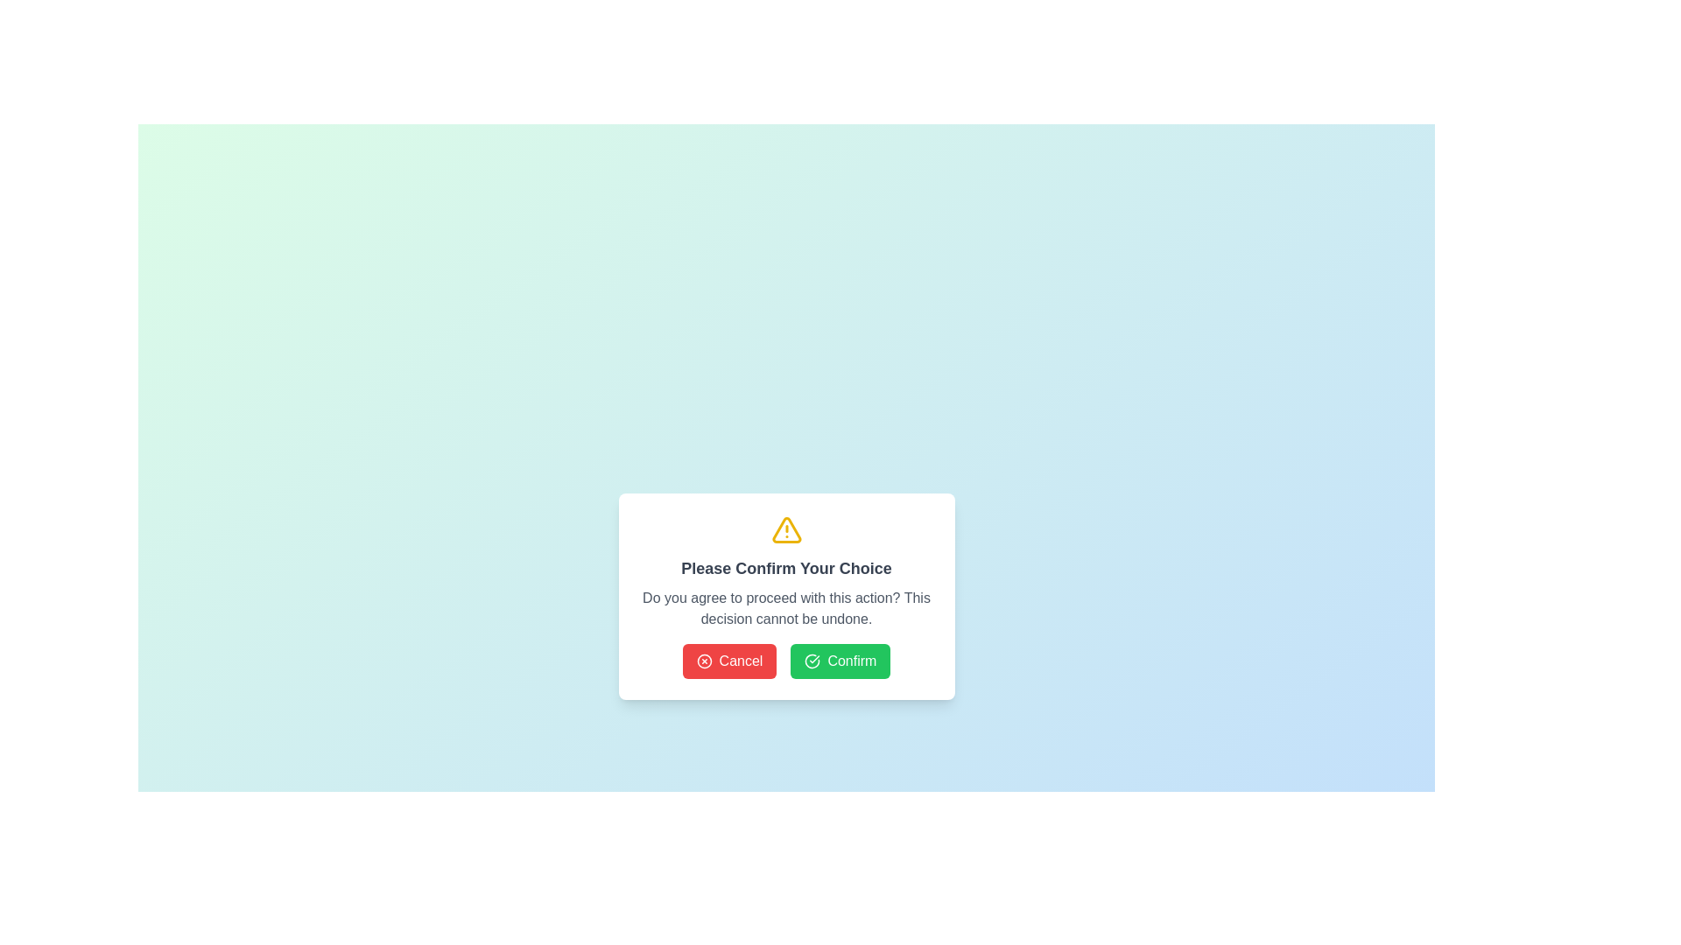 The width and height of the screenshot is (1681, 945). Describe the element at coordinates (729, 661) in the screenshot. I see `the cancel button located in the confirmation dialog box at the bottom left, which dismisses the dialog without proceeding` at that location.